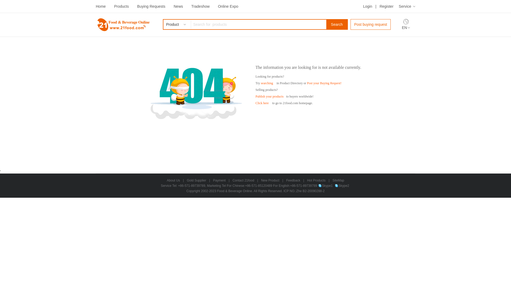 The image size is (511, 287). What do you see at coordinates (336, 24) in the screenshot?
I see `'Search'` at bounding box center [336, 24].